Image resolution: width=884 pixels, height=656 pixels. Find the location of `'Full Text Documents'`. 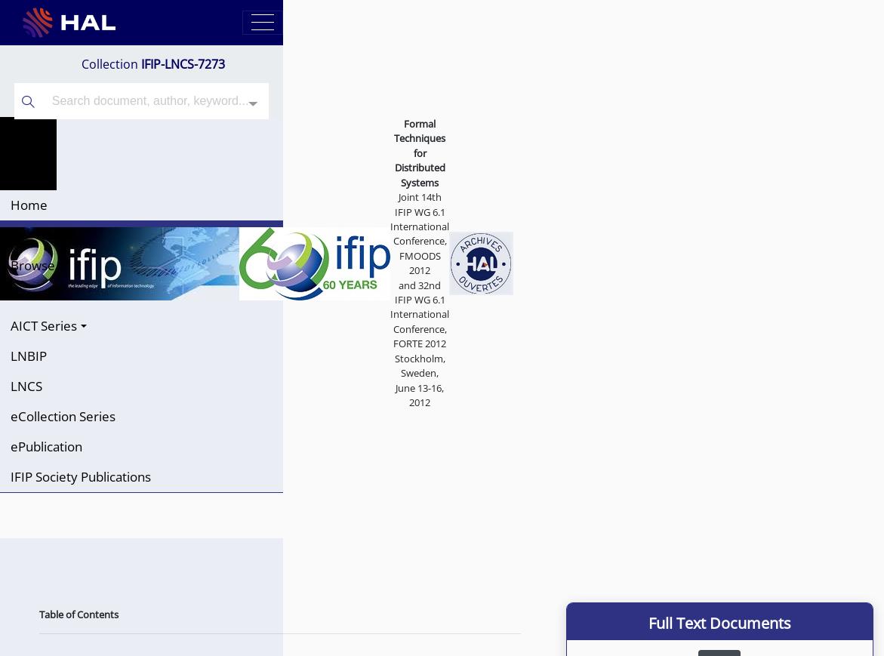

'Full Text Documents' is located at coordinates (719, 622).